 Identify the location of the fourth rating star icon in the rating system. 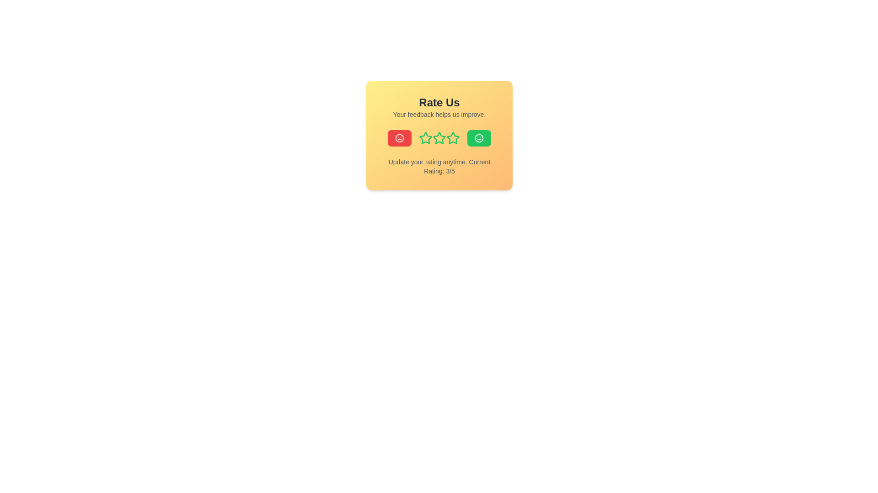
(452, 137).